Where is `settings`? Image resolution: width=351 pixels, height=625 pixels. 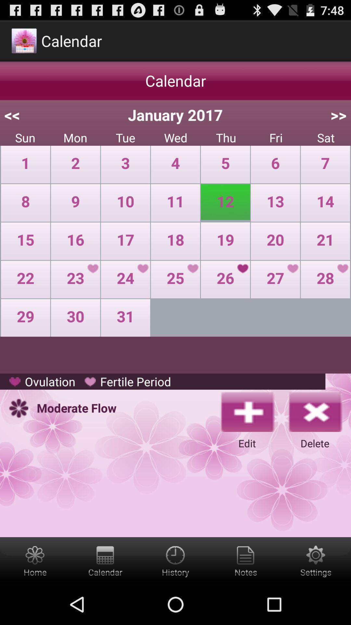 settings is located at coordinates (246, 560).